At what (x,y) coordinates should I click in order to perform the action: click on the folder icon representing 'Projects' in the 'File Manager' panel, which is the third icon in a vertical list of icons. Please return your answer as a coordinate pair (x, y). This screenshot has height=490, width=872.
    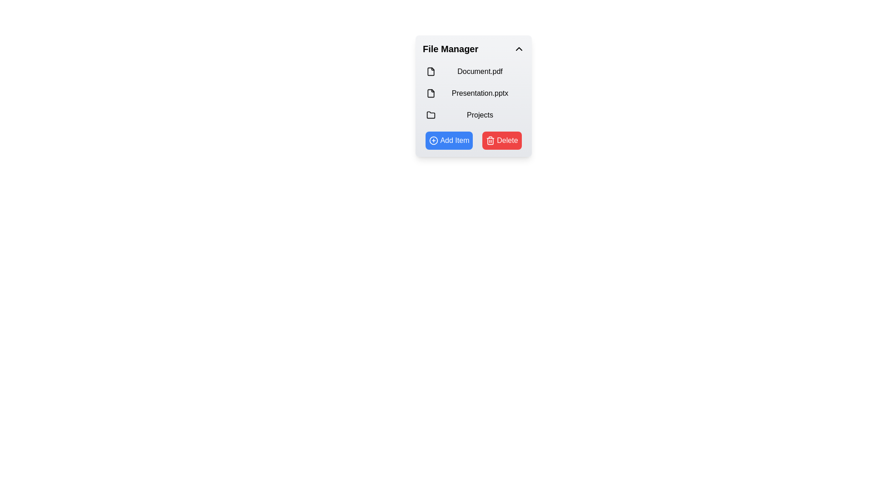
    Looking at the image, I should click on (431, 114).